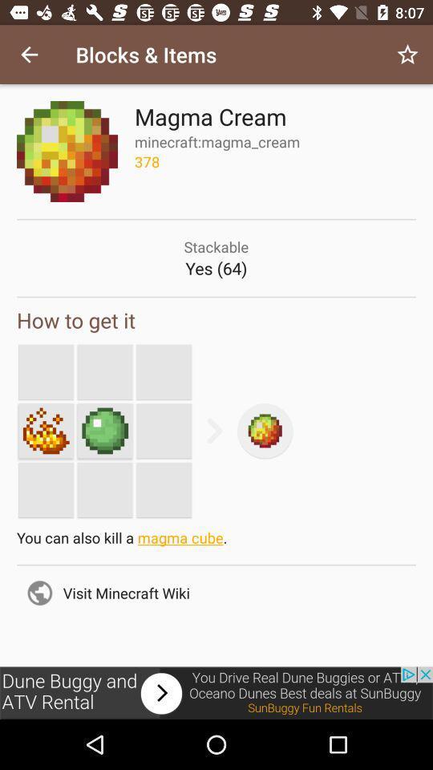 The image size is (433, 770). What do you see at coordinates (216, 541) in the screenshot?
I see `the you can also` at bounding box center [216, 541].